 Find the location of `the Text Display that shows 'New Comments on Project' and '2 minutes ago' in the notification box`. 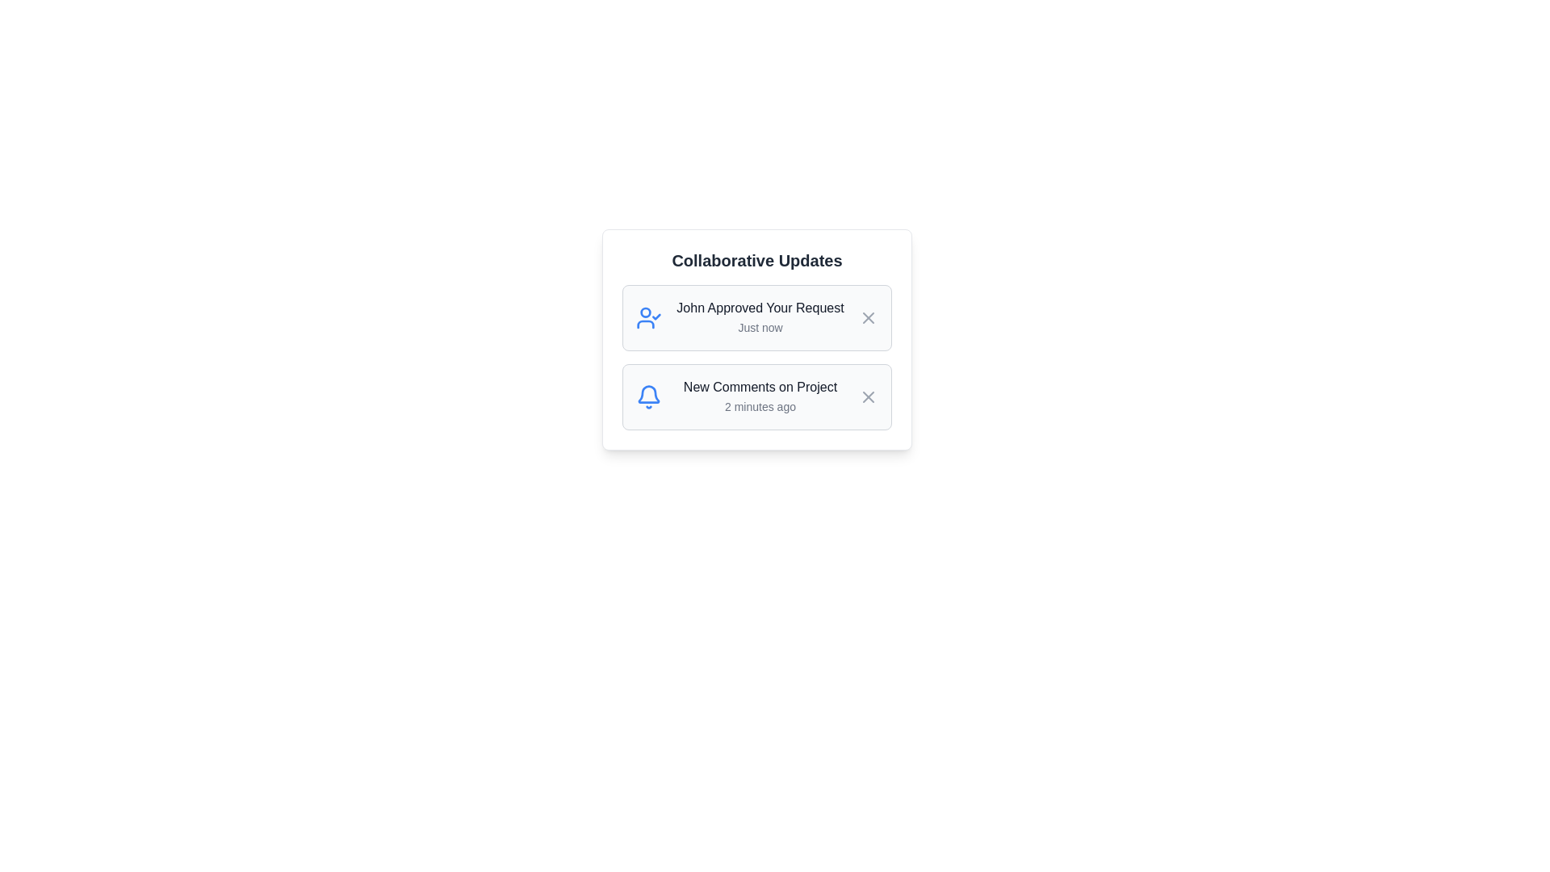

the Text Display that shows 'New Comments on Project' and '2 minutes ago' in the notification box is located at coordinates (759, 397).